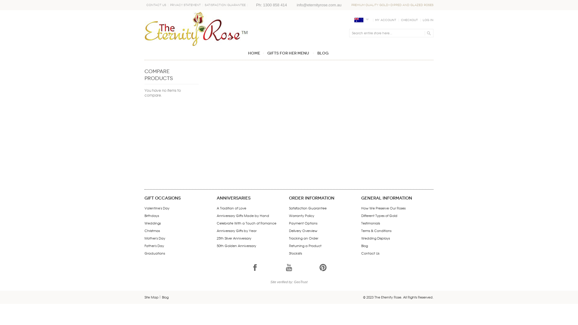 The image size is (578, 325). What do you see at coordinates (154, 253) in the screenshot?
I see `'Graduations'` at bounding box center [154, 253].